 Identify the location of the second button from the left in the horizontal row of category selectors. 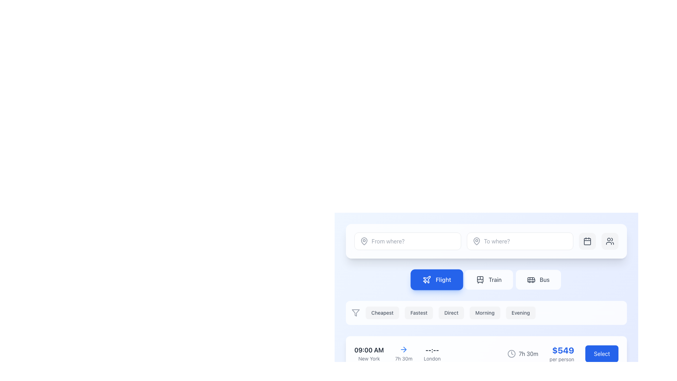
(419, 313).